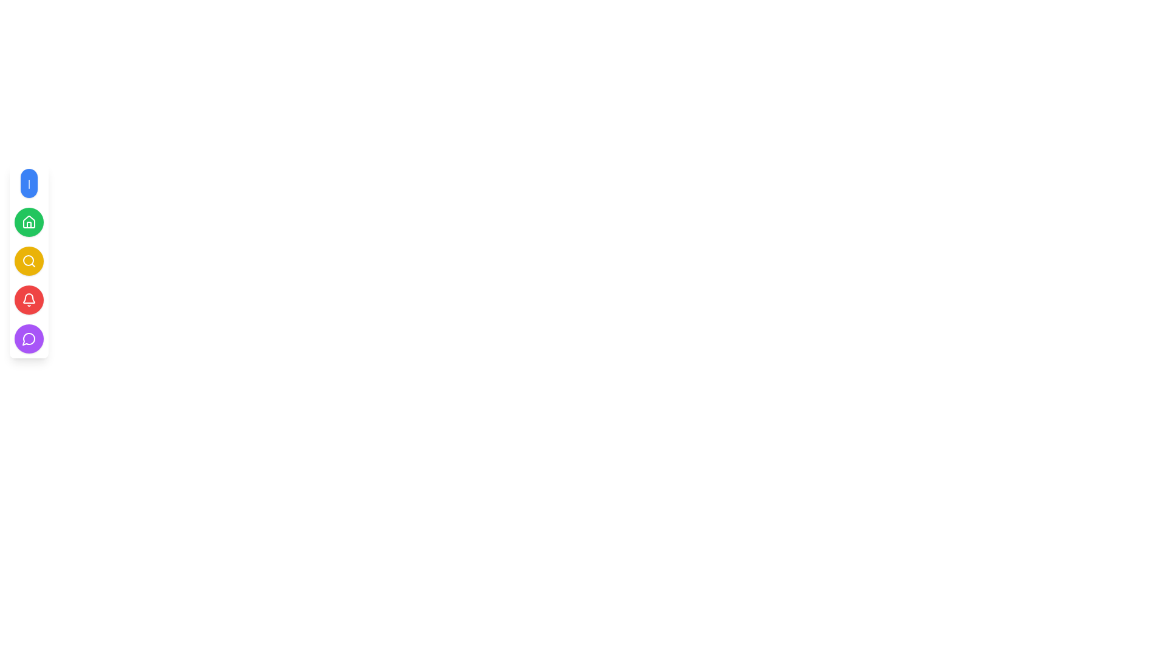  Describe the element at coordinates (29, 222) in the screenshot. I see `the green circular button with a white house icon, which is the second button in a vertical stack of similar buttons` at that location.